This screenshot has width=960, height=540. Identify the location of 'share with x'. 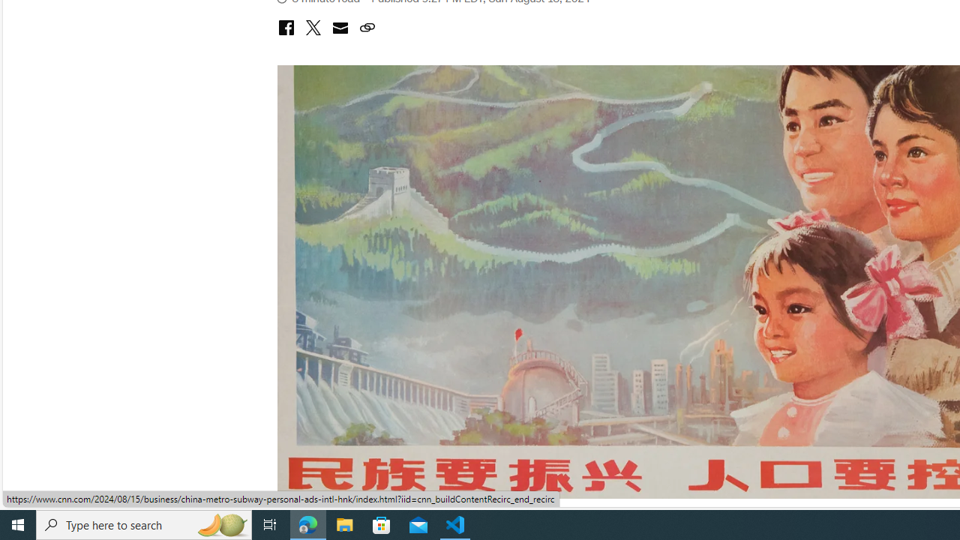
(312, 28).